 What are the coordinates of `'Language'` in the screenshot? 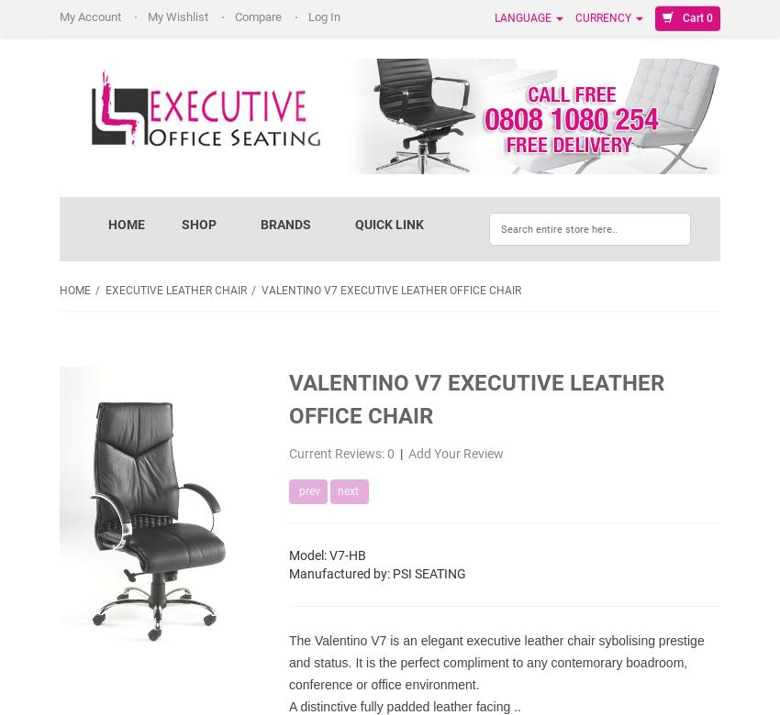 It's located at (524, 17).